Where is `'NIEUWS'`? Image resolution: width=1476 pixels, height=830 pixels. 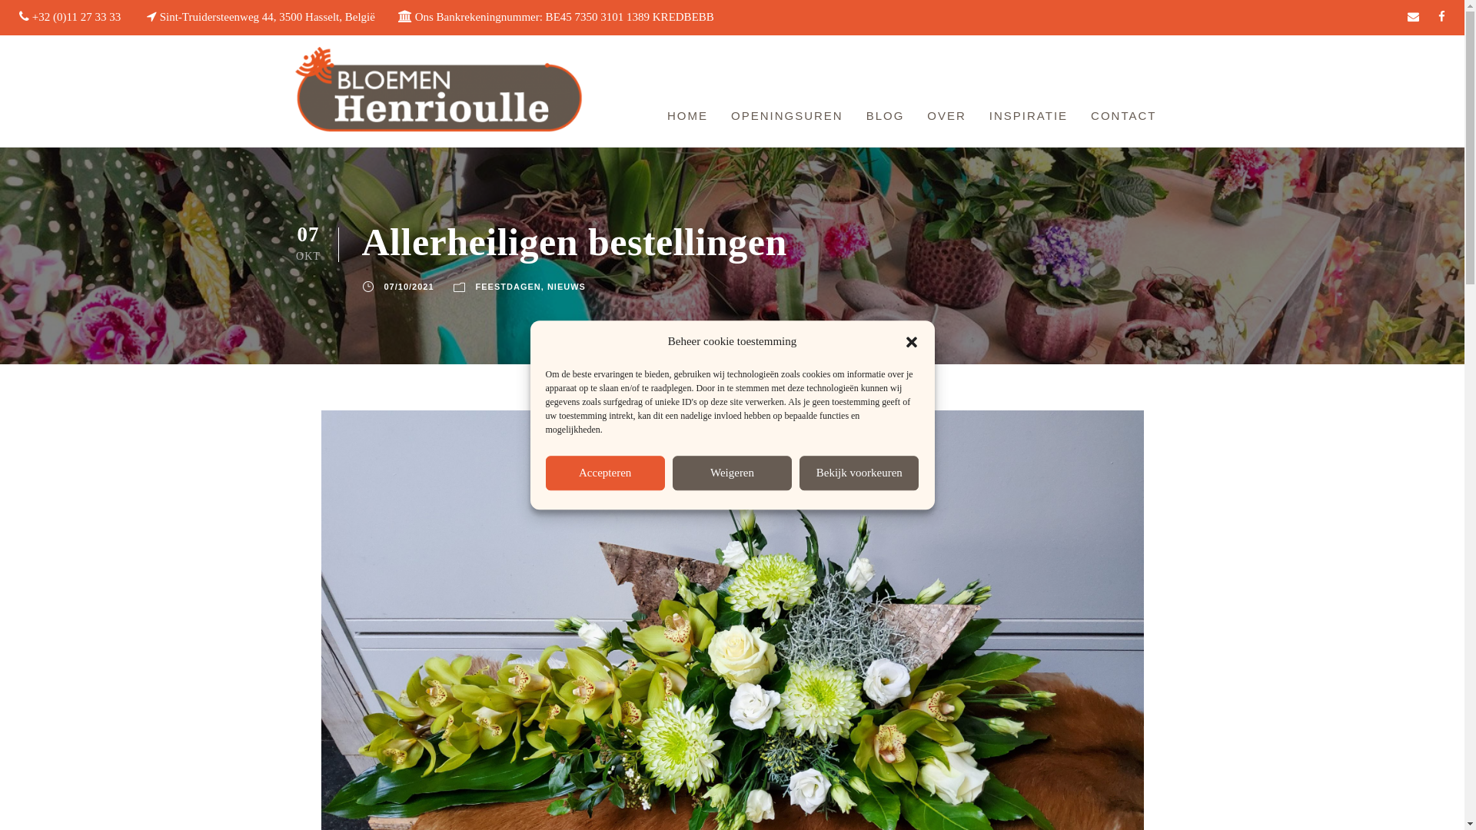 'NIEUWS' is located at coordinates (566, 287).